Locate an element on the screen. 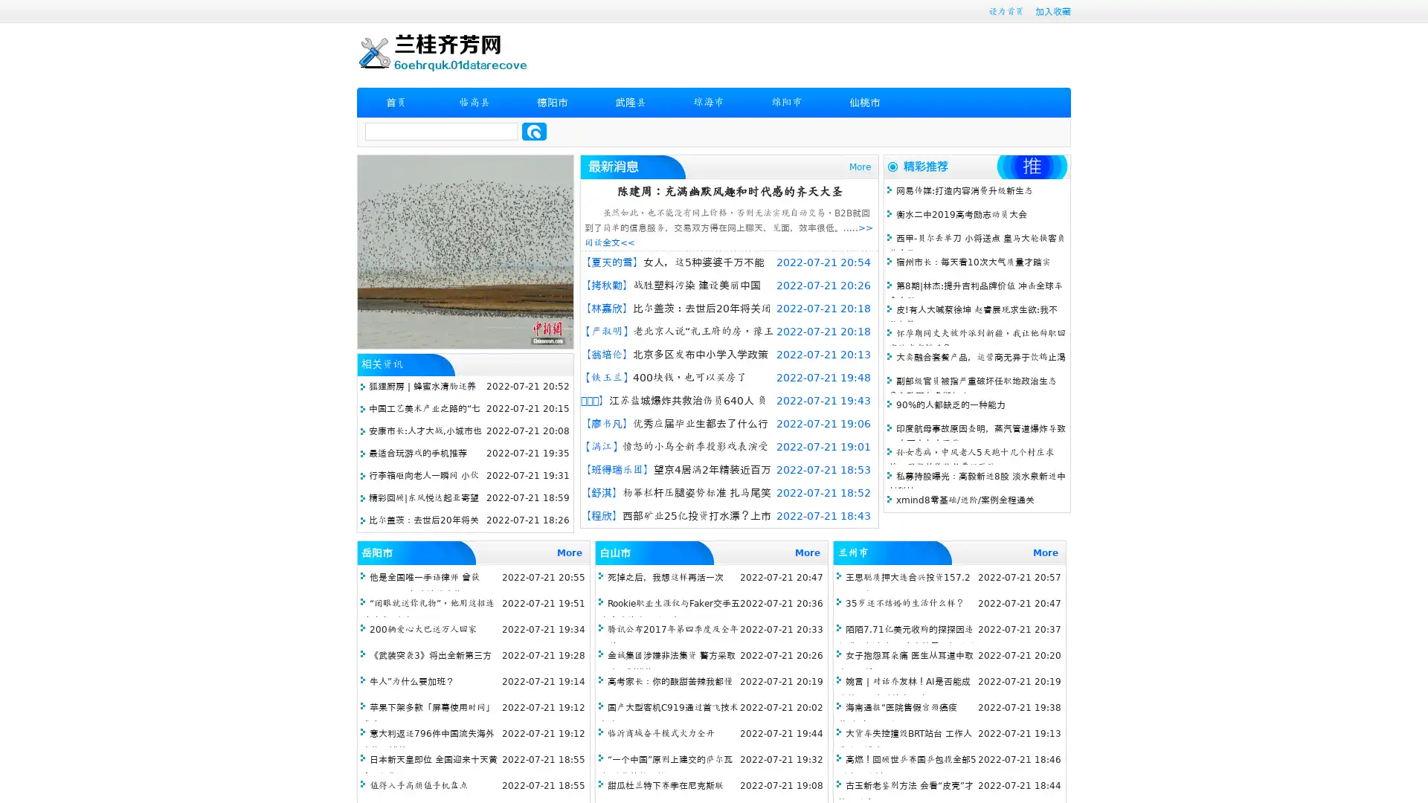 Image resolution: width=1428 pixels, height=803 pixels. Search is located at coordinates (534, 131).